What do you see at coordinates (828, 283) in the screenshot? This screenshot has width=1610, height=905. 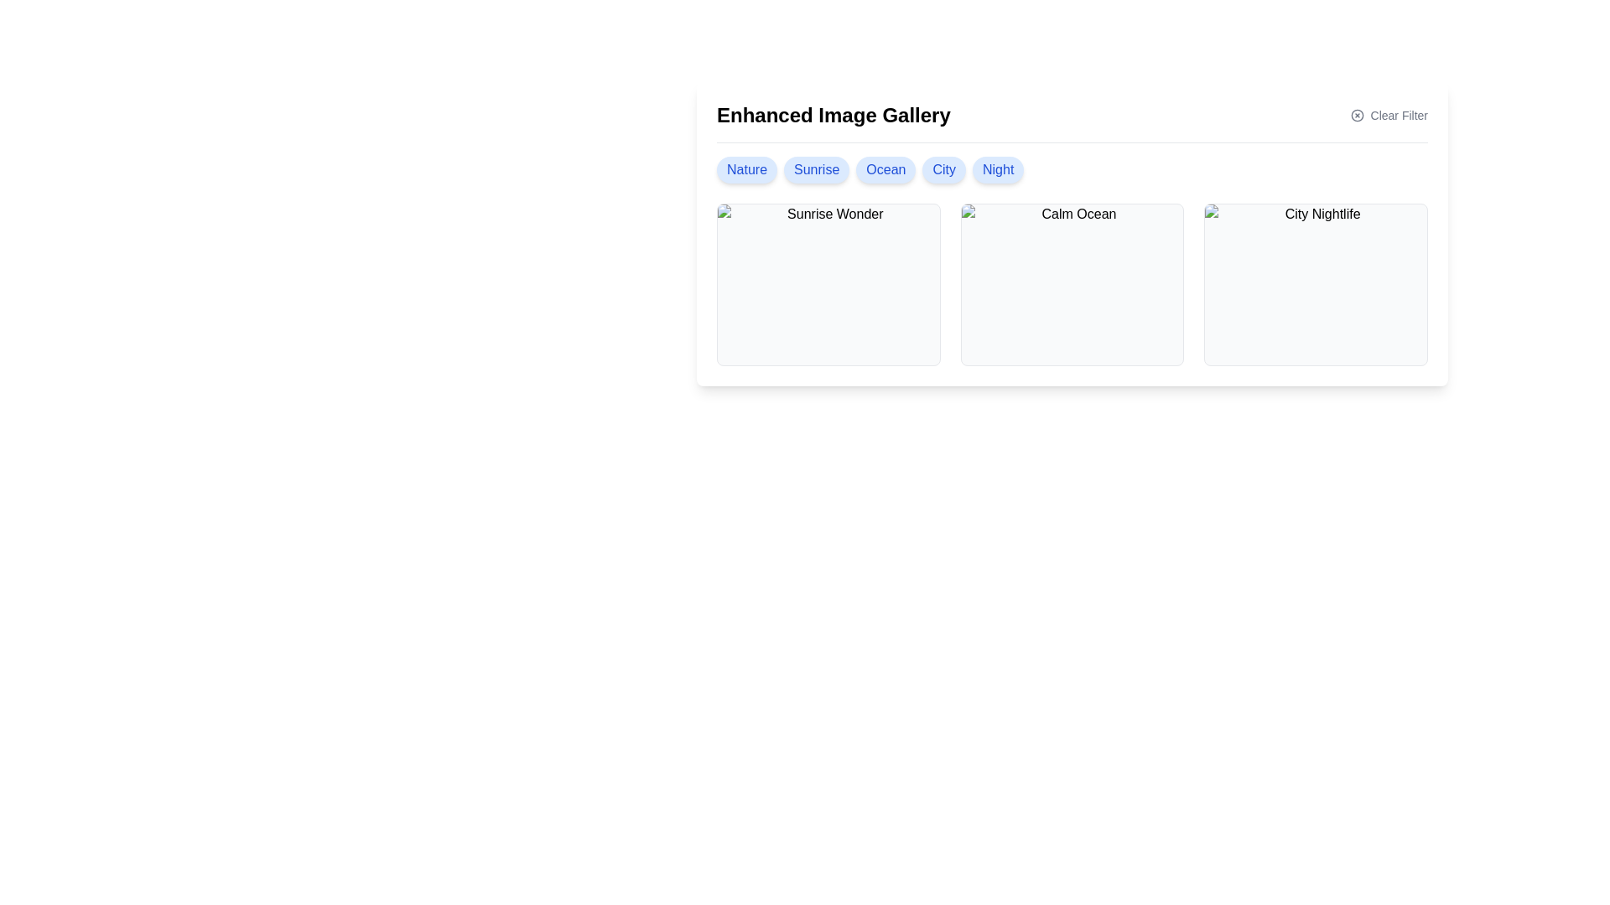 I see `the image titled 'Sunrise Wonder' in the leftmost position of the first row of the gallery by clicking on it` at bounding box center [828, 283].